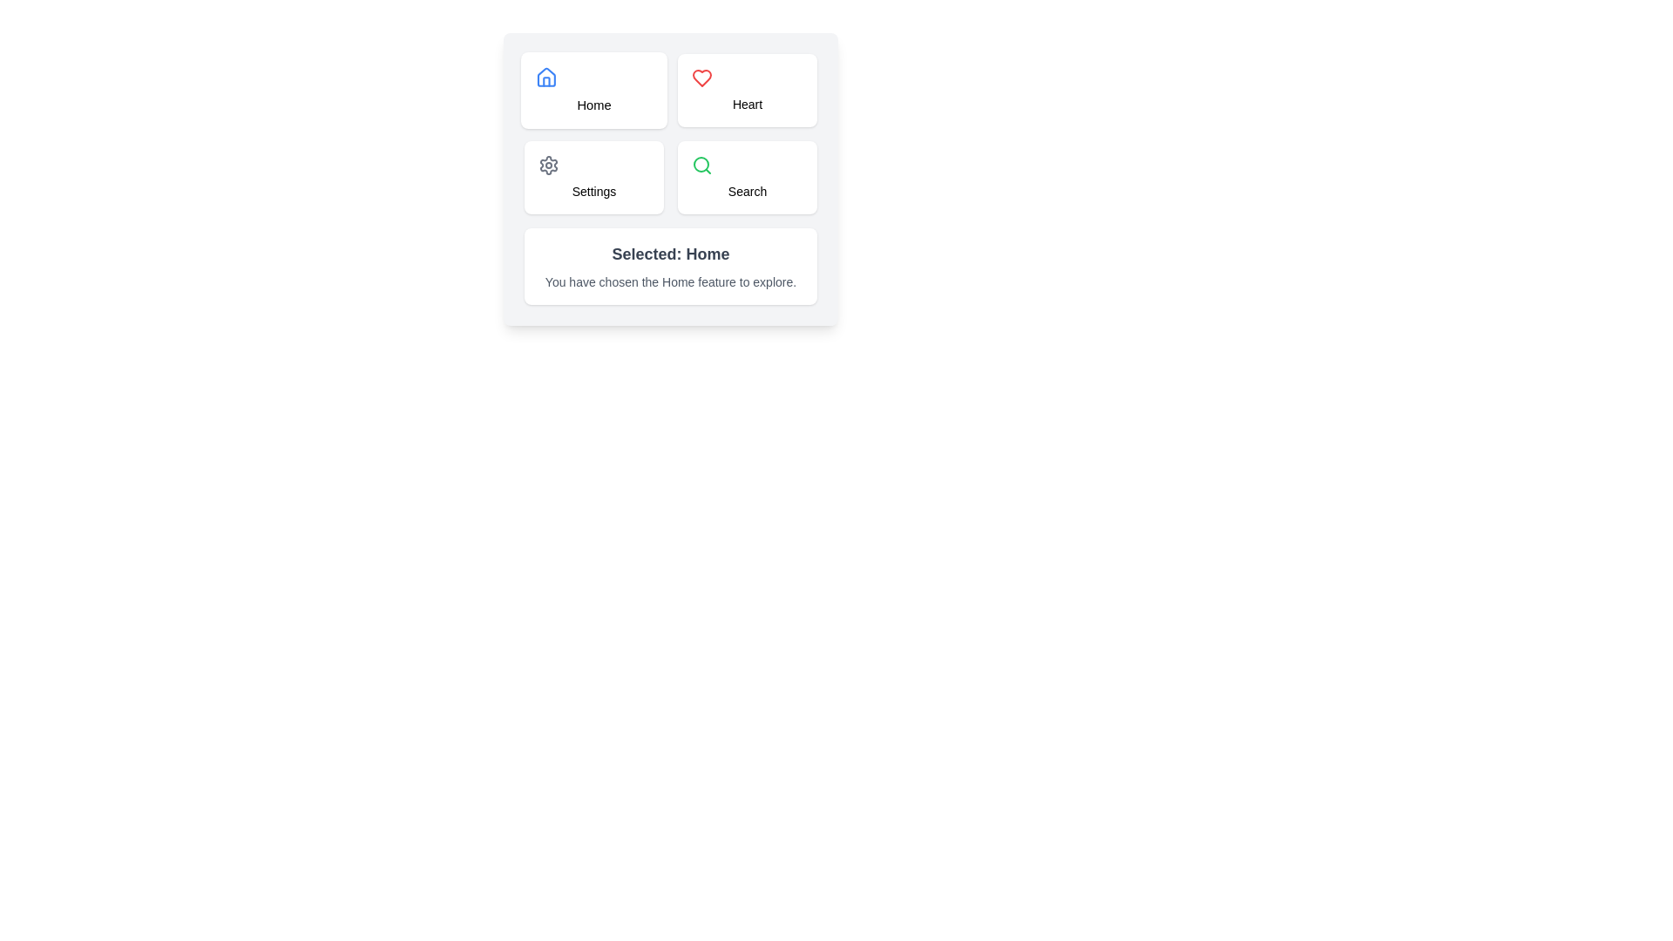  I want to click on the 'Home' navigation button located in the top-left quadrant of the grid layout, so click(593, 91).